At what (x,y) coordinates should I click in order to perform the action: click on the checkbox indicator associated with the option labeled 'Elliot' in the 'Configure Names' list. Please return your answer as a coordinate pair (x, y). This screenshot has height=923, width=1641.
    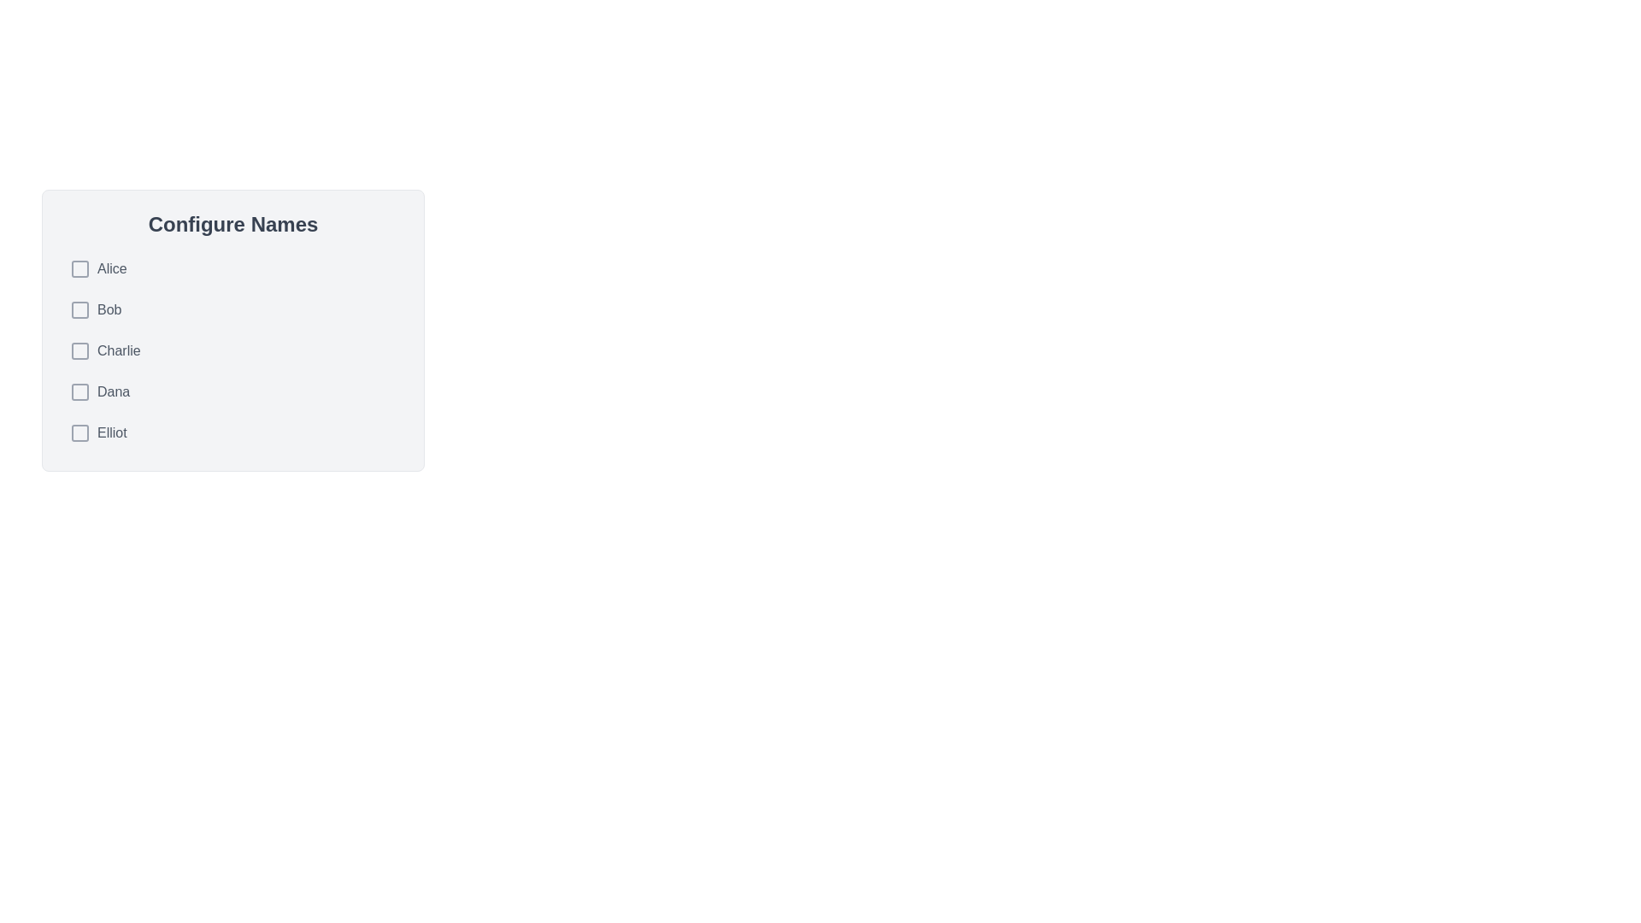
    Looking at the image, I should click on (79, 432).